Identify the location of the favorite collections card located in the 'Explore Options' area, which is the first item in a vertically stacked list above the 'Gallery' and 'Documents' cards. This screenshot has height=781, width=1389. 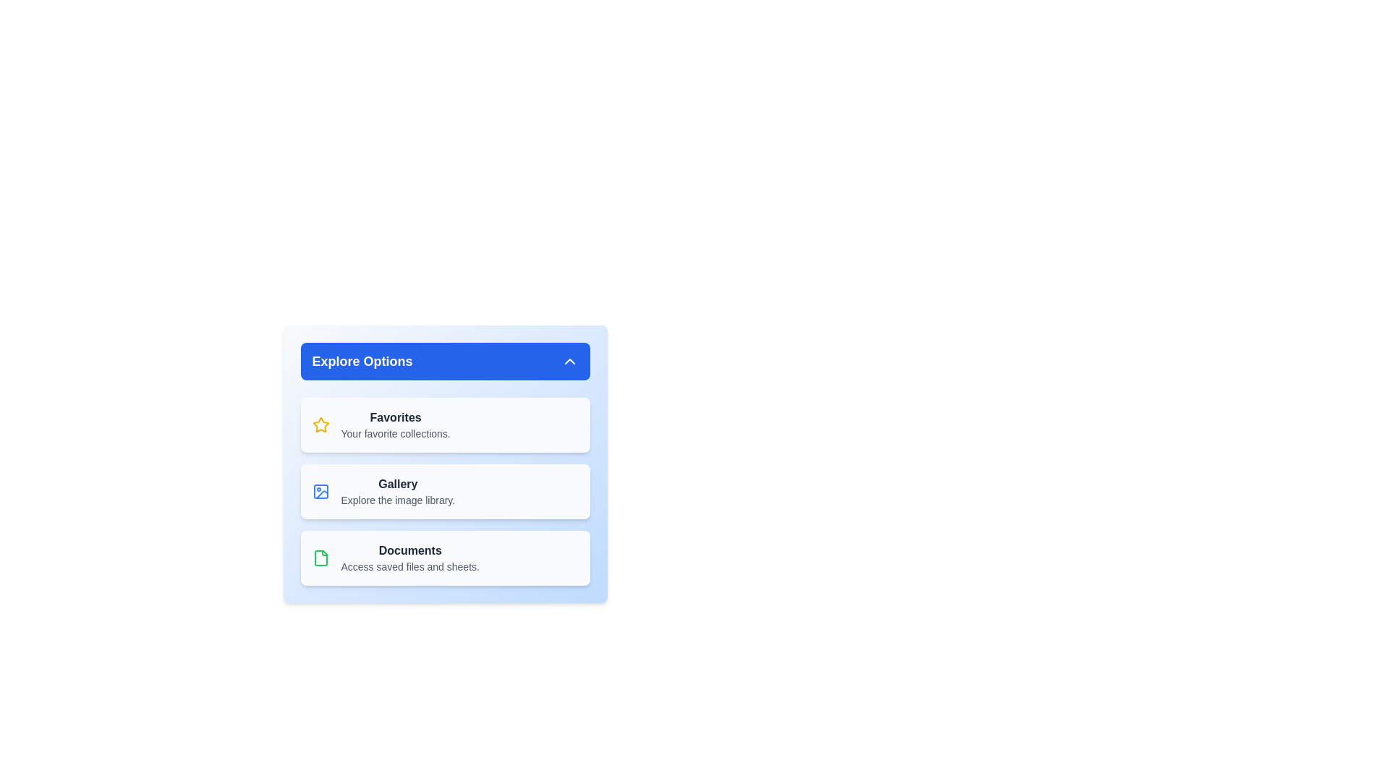
(444, 424).